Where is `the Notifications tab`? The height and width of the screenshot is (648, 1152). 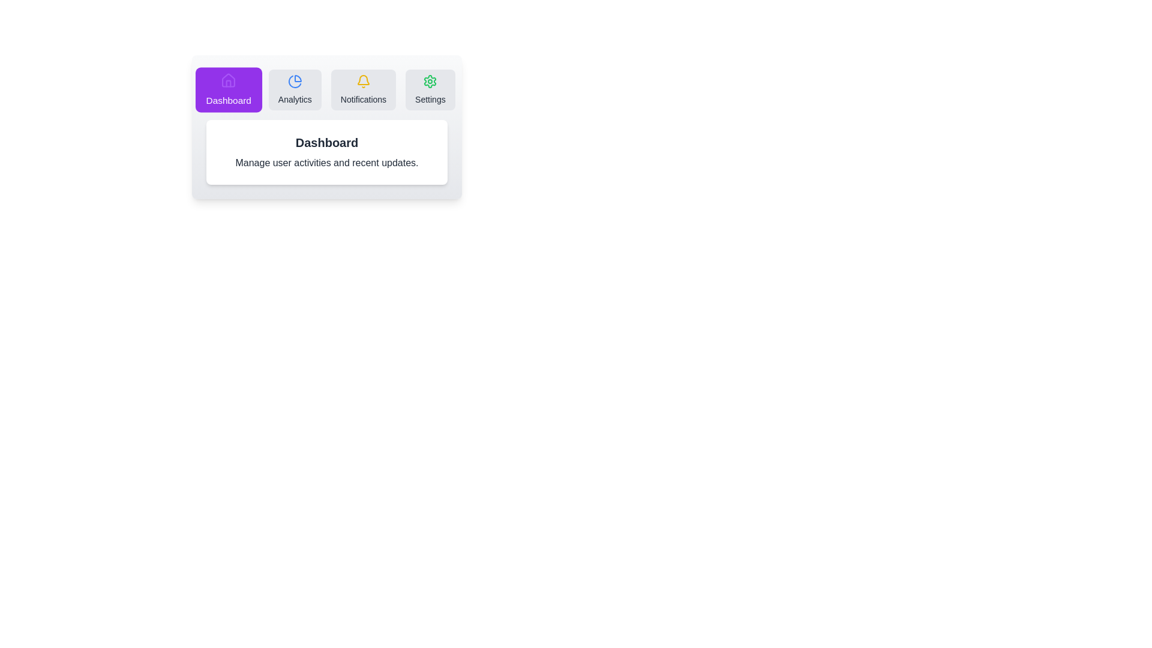 the Notifications tab is located at coordinates (362, 89).